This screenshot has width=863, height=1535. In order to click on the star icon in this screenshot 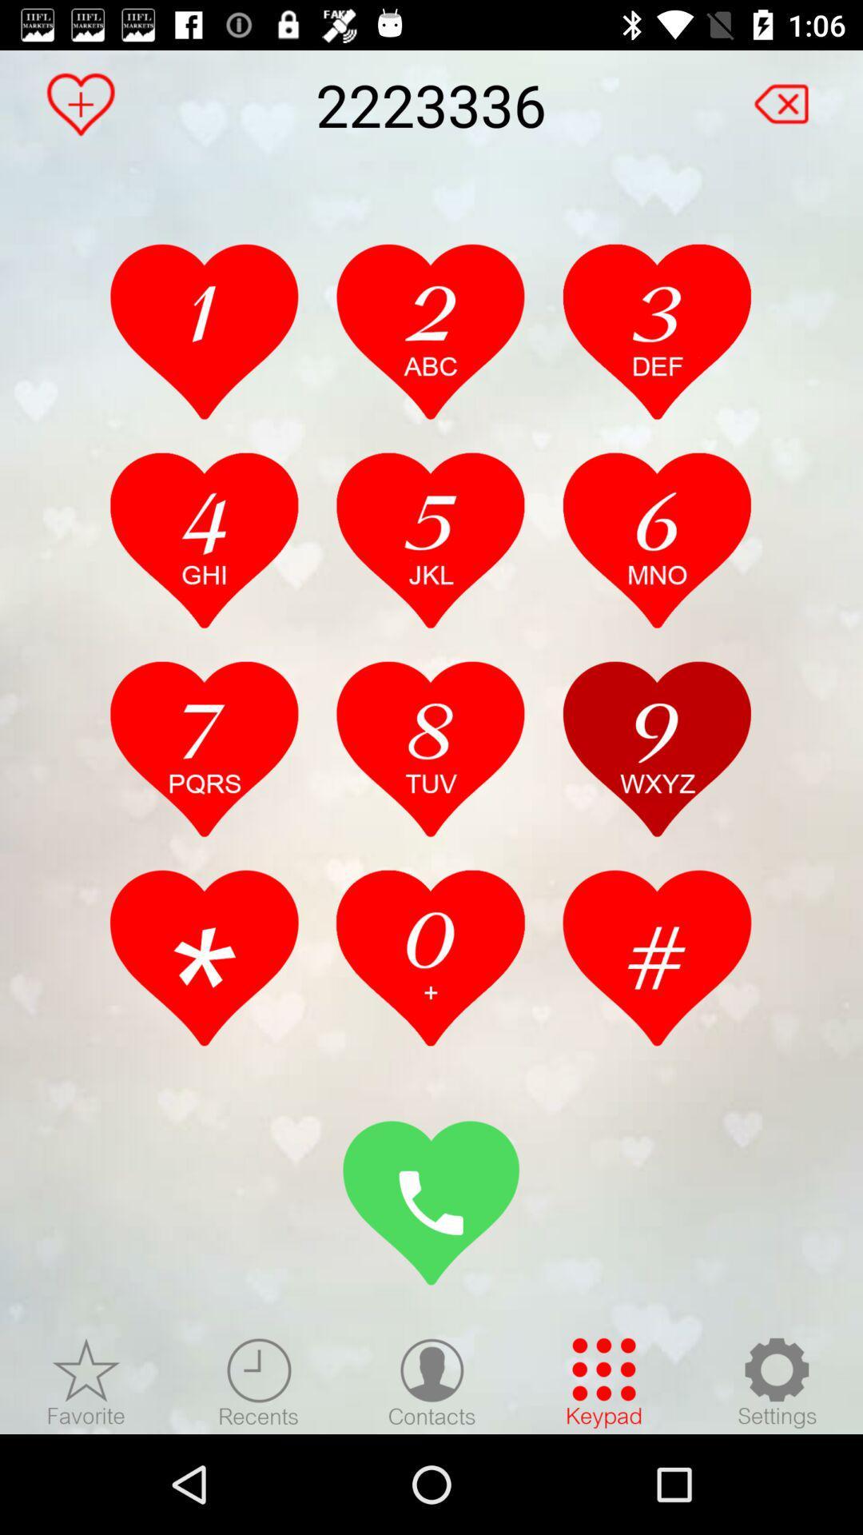, I will do `click(86, 1381)`.